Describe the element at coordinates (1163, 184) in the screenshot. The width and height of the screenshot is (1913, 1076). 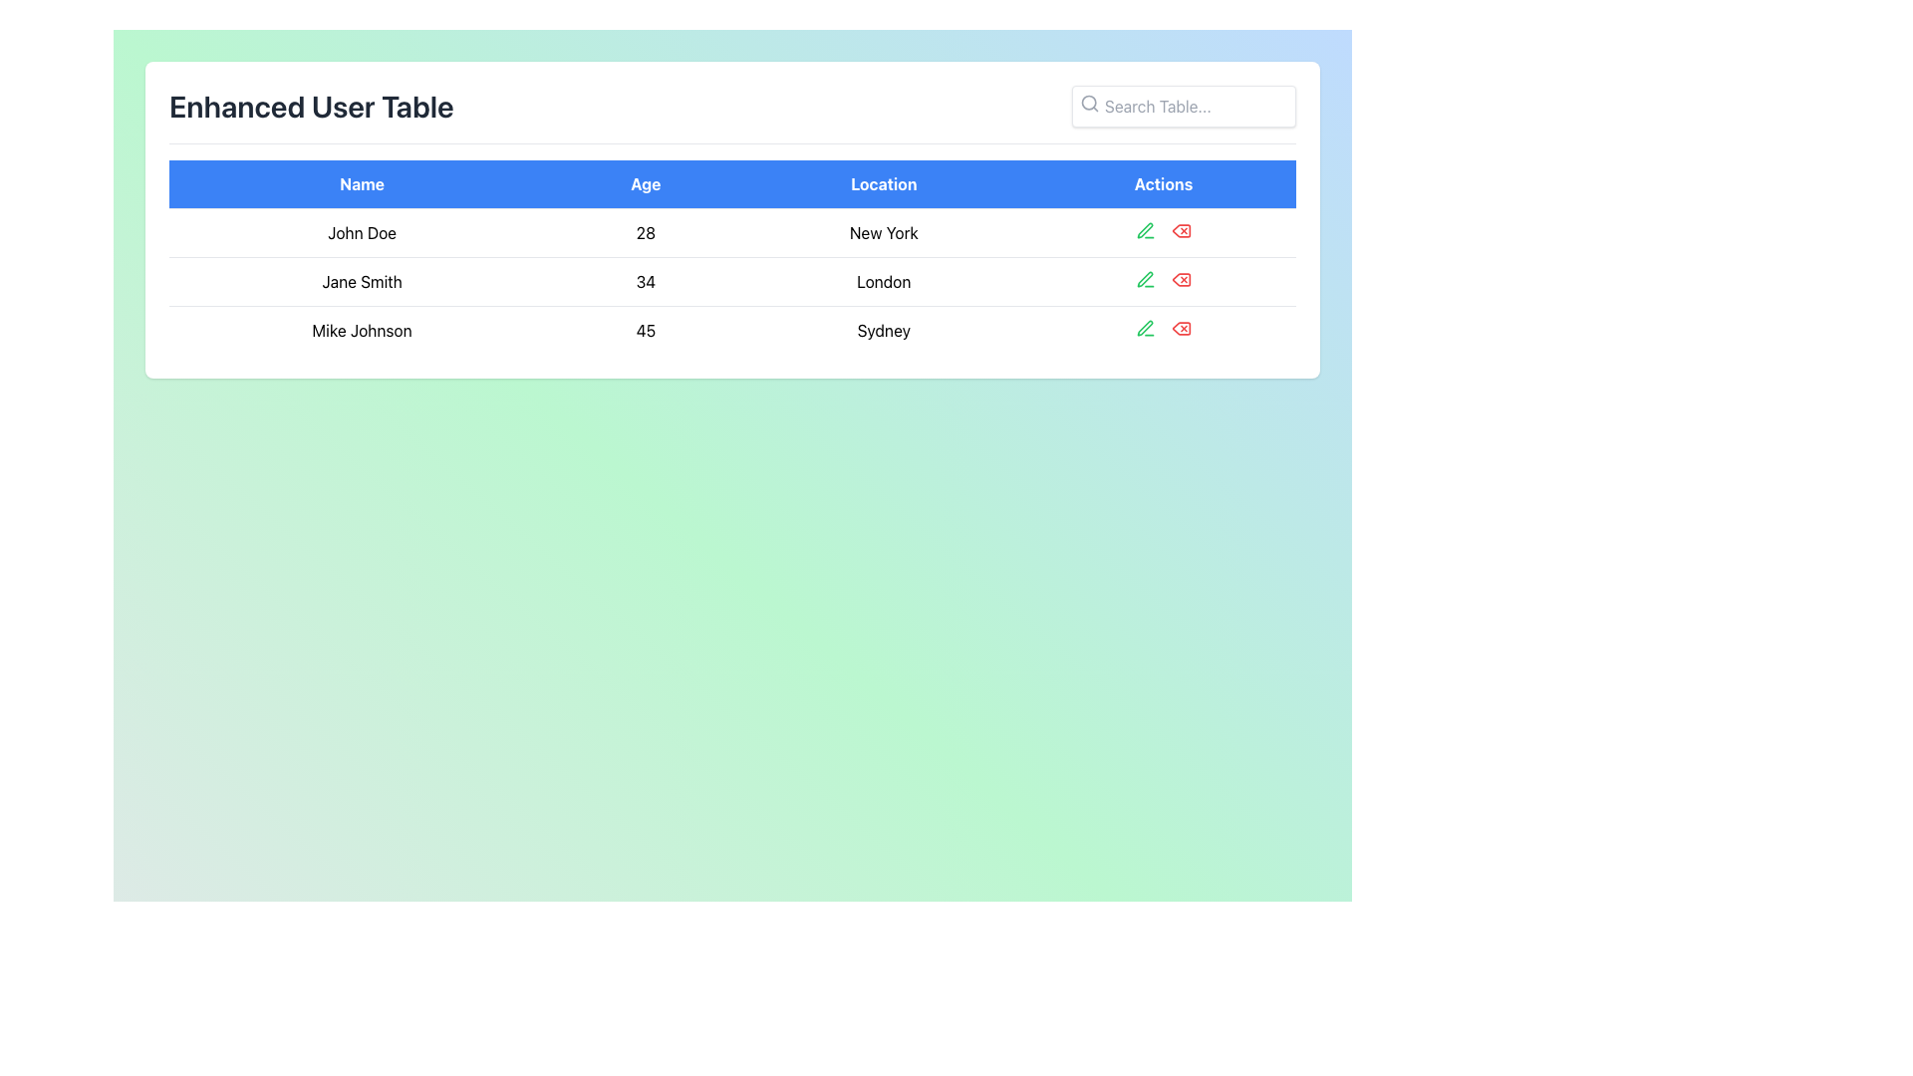
I see `the blue rectangular section in the table header that contains the text 'Actions' in white, which is the fourth column header in the table` at that location.